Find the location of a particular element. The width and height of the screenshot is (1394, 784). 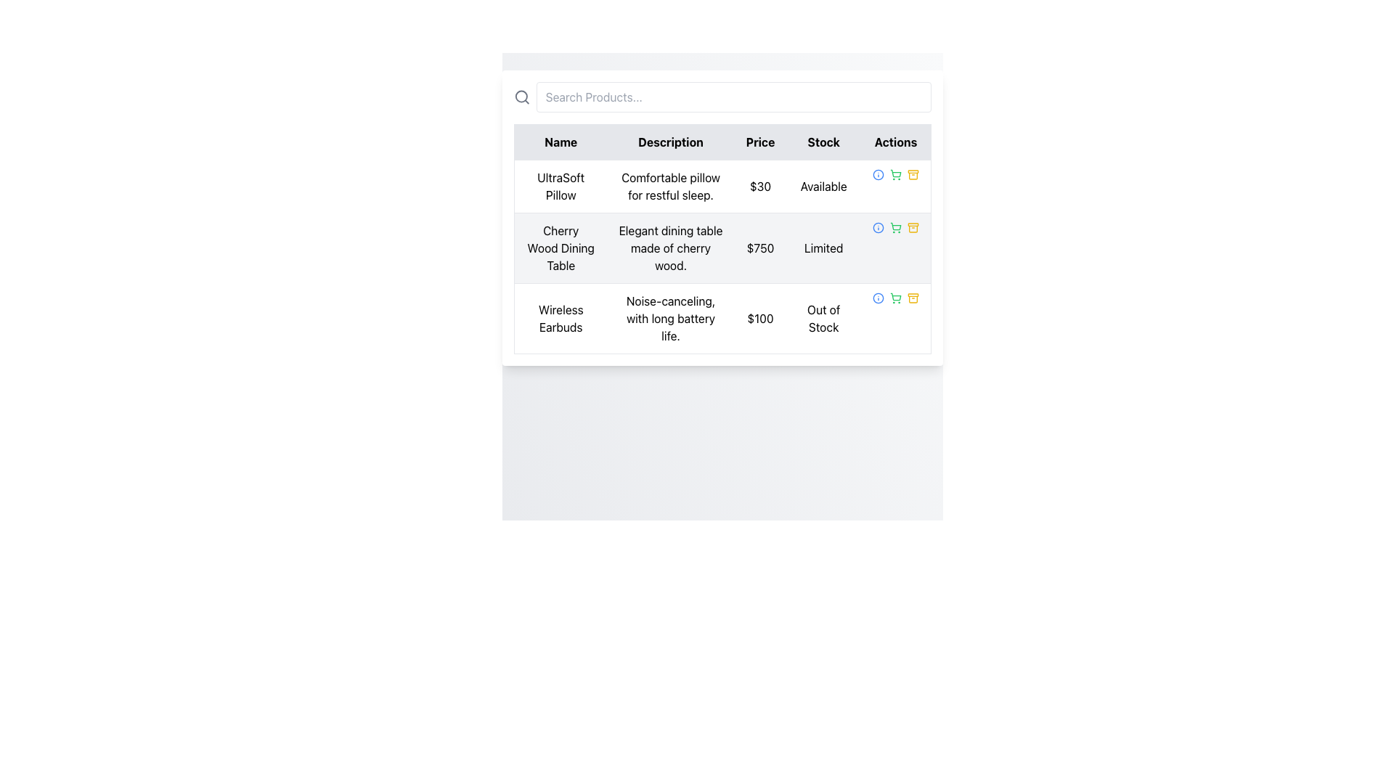

the 'Out of Stock' text element, which is displayed in bold, black font and is part of the last row in the table under the 'Stock' column is located at coordinates (823, 318).